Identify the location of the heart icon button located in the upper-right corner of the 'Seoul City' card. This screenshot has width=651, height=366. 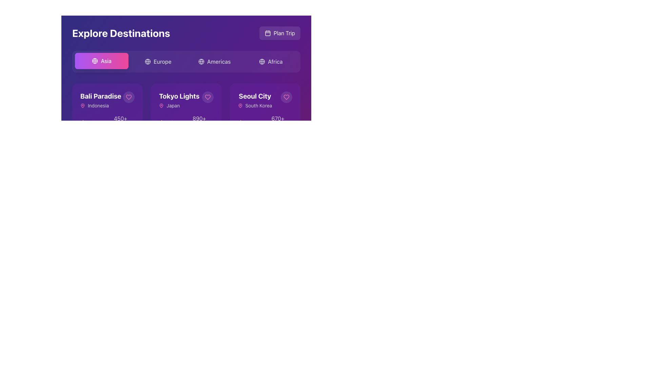
(286, 97).